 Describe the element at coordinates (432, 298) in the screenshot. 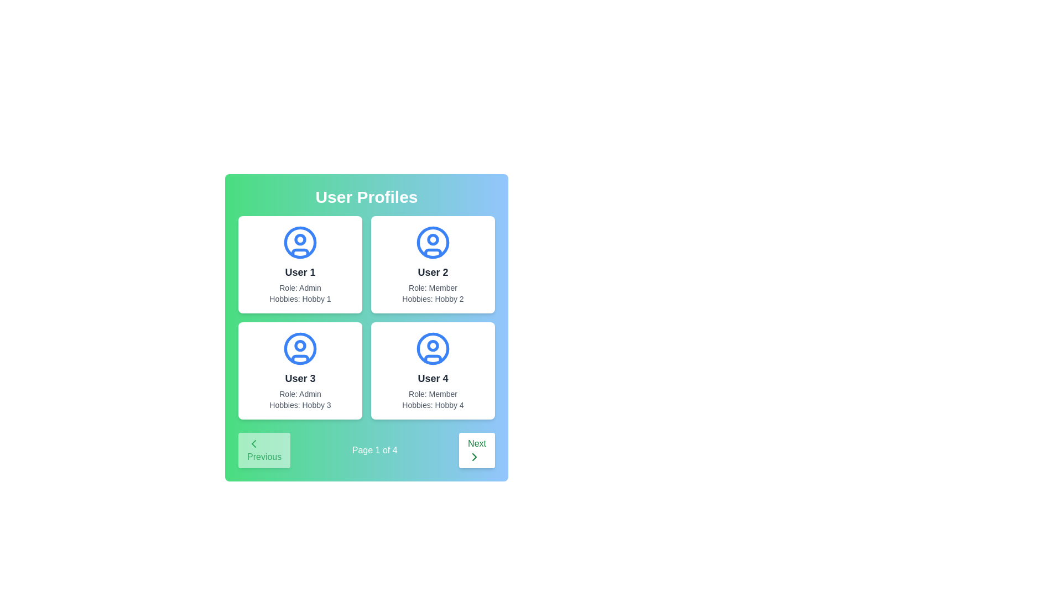

I see `the informational text label displaying hobby details for 'User 2', located below 'Role: Member' in the user card` at that location.